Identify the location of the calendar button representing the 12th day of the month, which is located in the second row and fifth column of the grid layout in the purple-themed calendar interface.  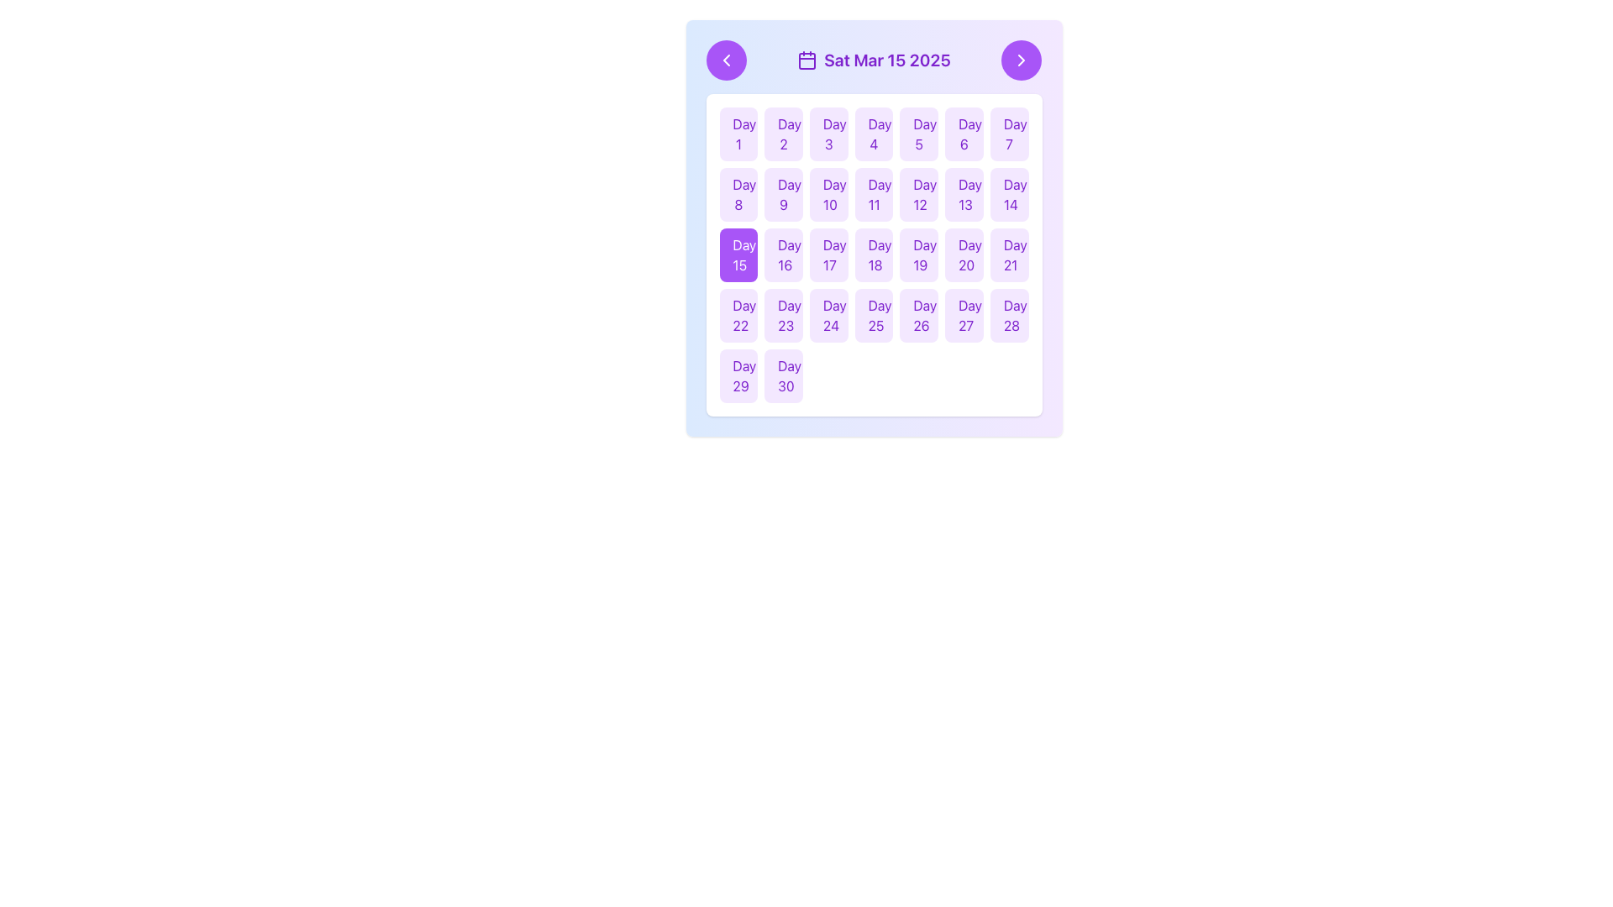
(918, 193).